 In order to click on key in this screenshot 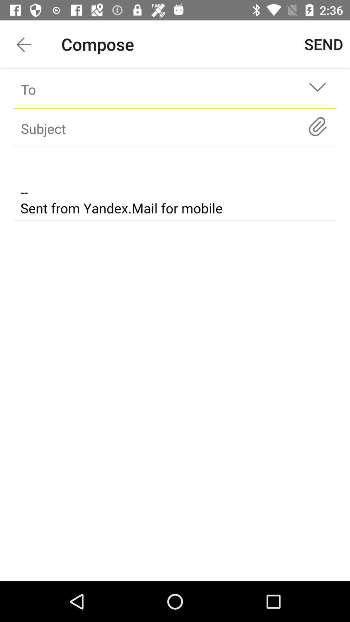, I will do `click(317, 126)`.